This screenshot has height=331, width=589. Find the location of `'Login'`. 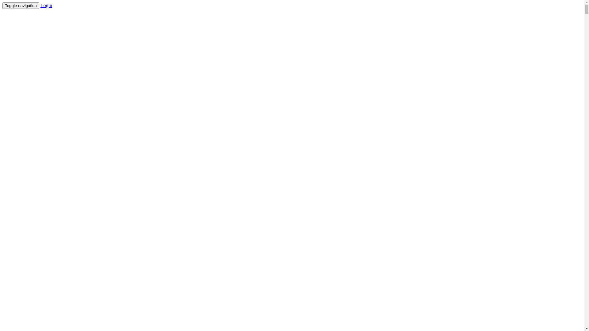

'Login' is located at coordinates (46, 5).